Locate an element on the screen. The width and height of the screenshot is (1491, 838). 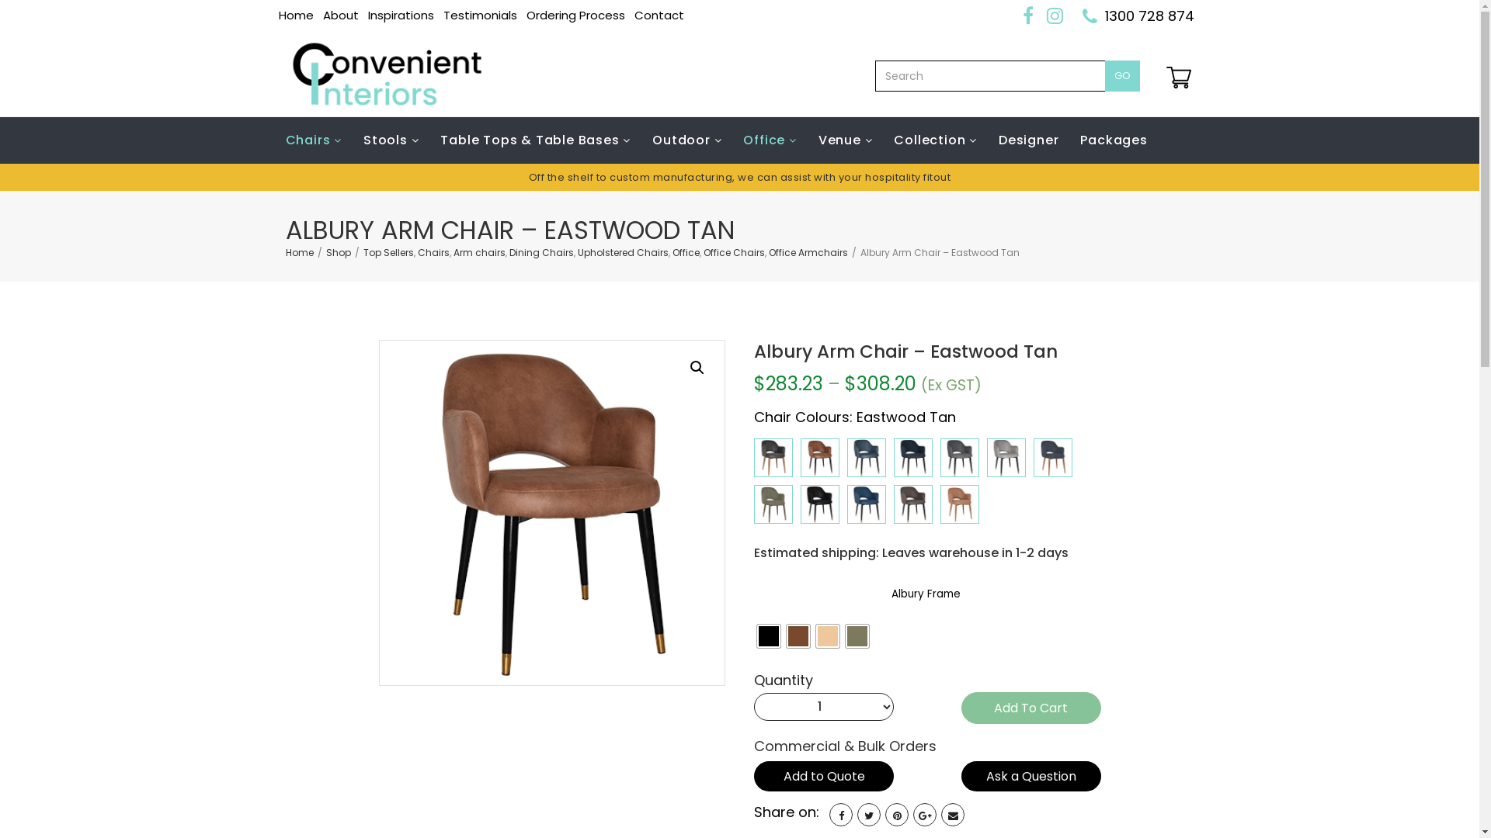
'Metal Light Walnut' is located at coordinates (786, 636).